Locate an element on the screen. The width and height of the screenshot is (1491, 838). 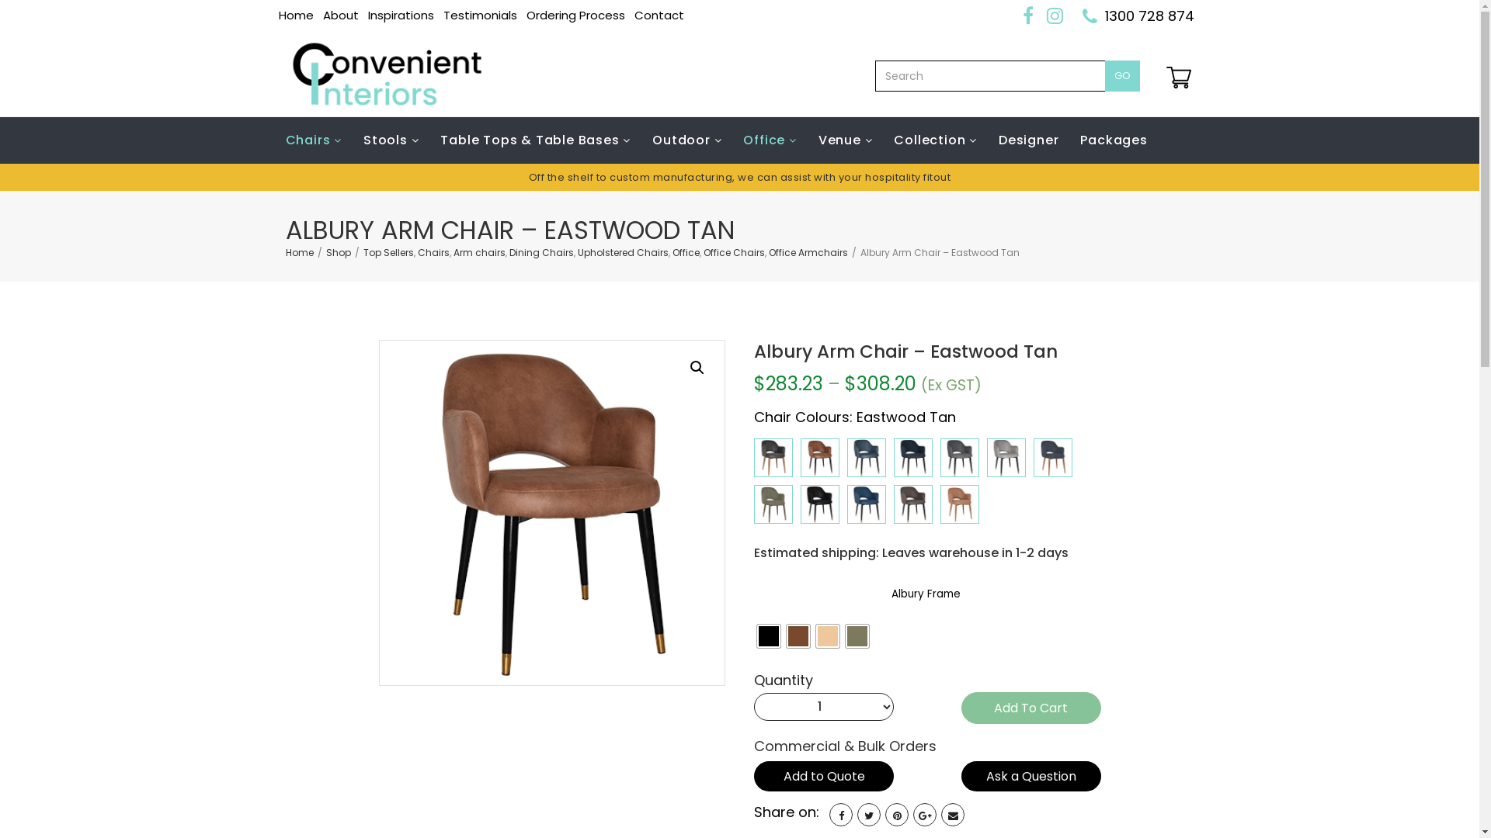
'Metal Light Walnut' is located at coordinates (786, 636).